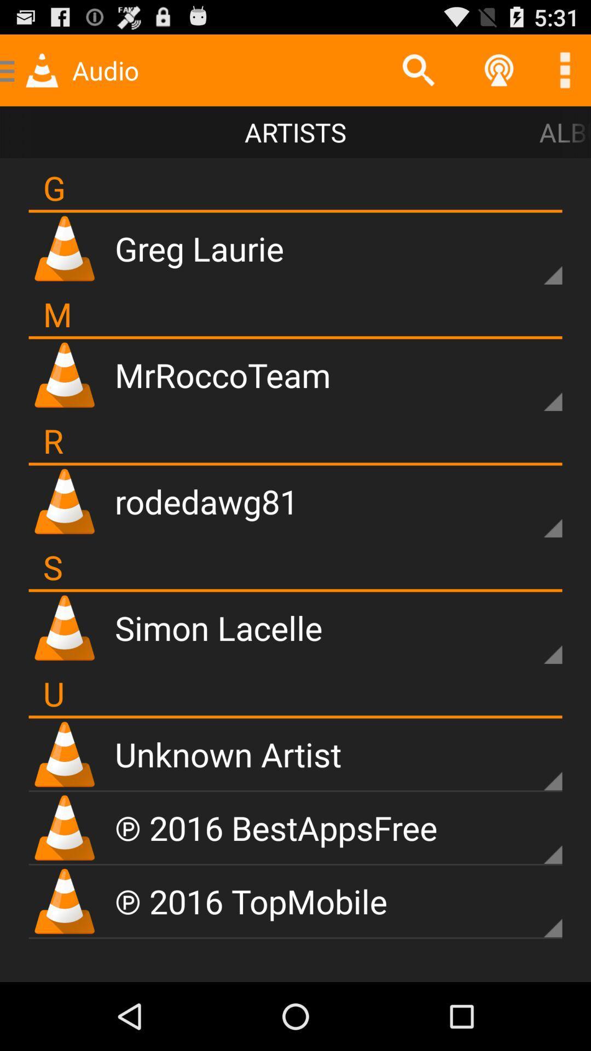 The height and width of the screenshot is (1051, 591). Describe the element at coordinates (227, 753) in the screenshot. I see `unknown artist icon` at that location.